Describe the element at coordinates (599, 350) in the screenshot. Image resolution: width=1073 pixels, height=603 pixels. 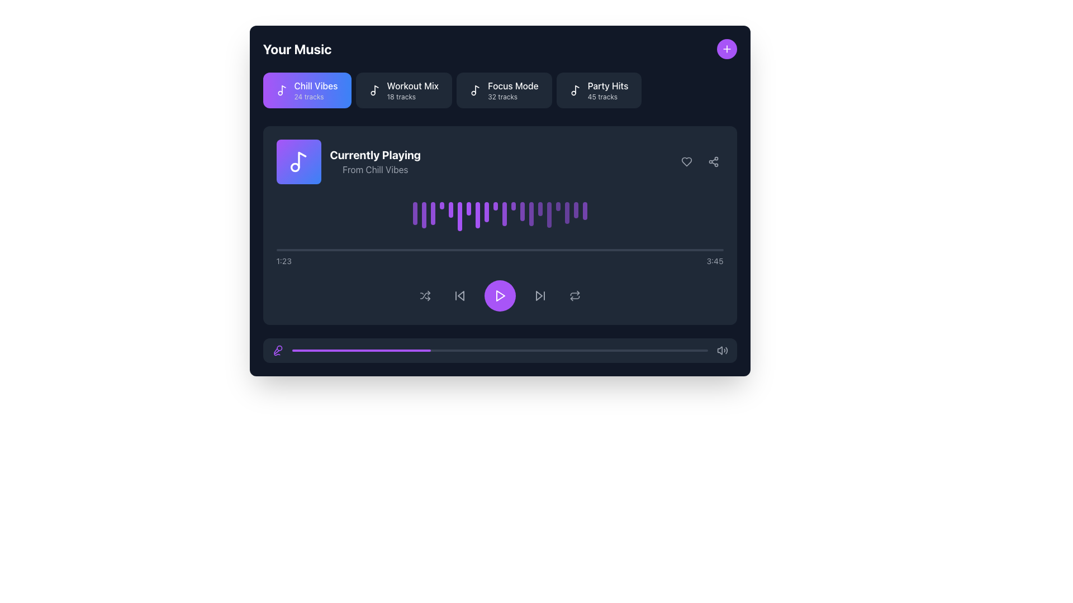
I see `the music progress bar` at that location.